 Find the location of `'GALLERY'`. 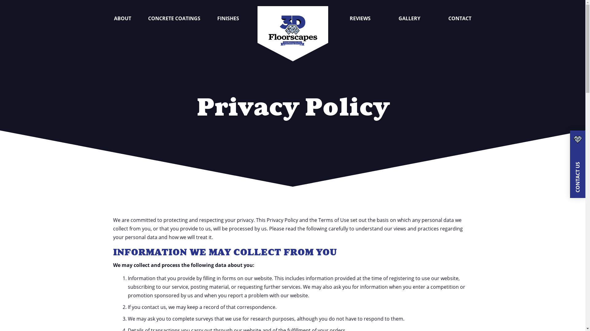

'GALLERY' is located at coordinates (409, 18).